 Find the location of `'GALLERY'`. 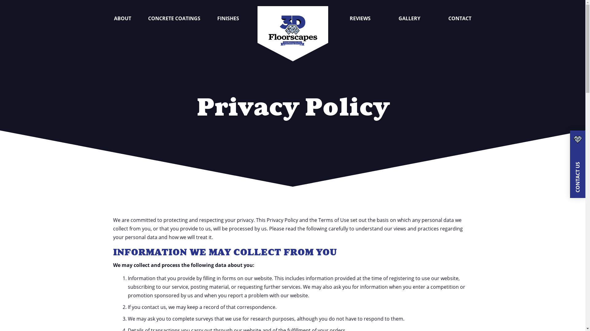

'GALLERY' is located at coordinates (409, 18).